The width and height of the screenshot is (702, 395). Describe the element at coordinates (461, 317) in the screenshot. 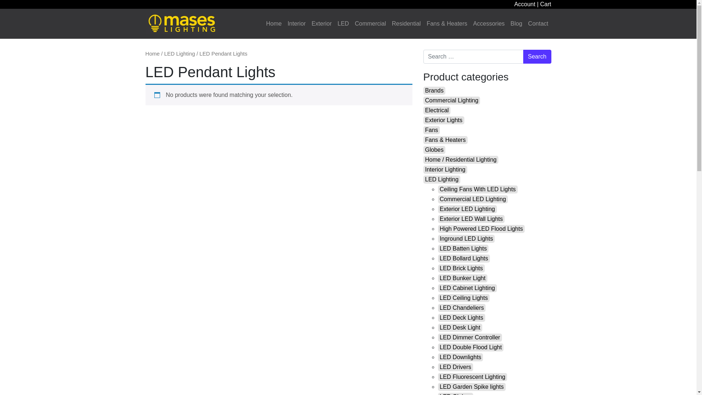

I see `'LED Deck Lights'` at that location.